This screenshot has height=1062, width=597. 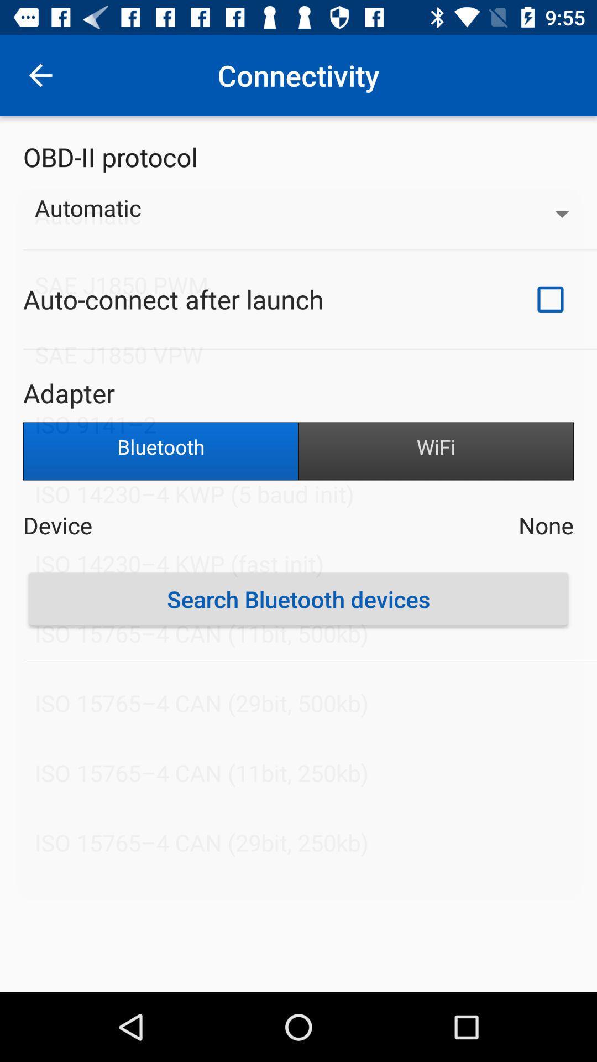 I want to click on the search bluetooth devices, so click(x=298, y=598).